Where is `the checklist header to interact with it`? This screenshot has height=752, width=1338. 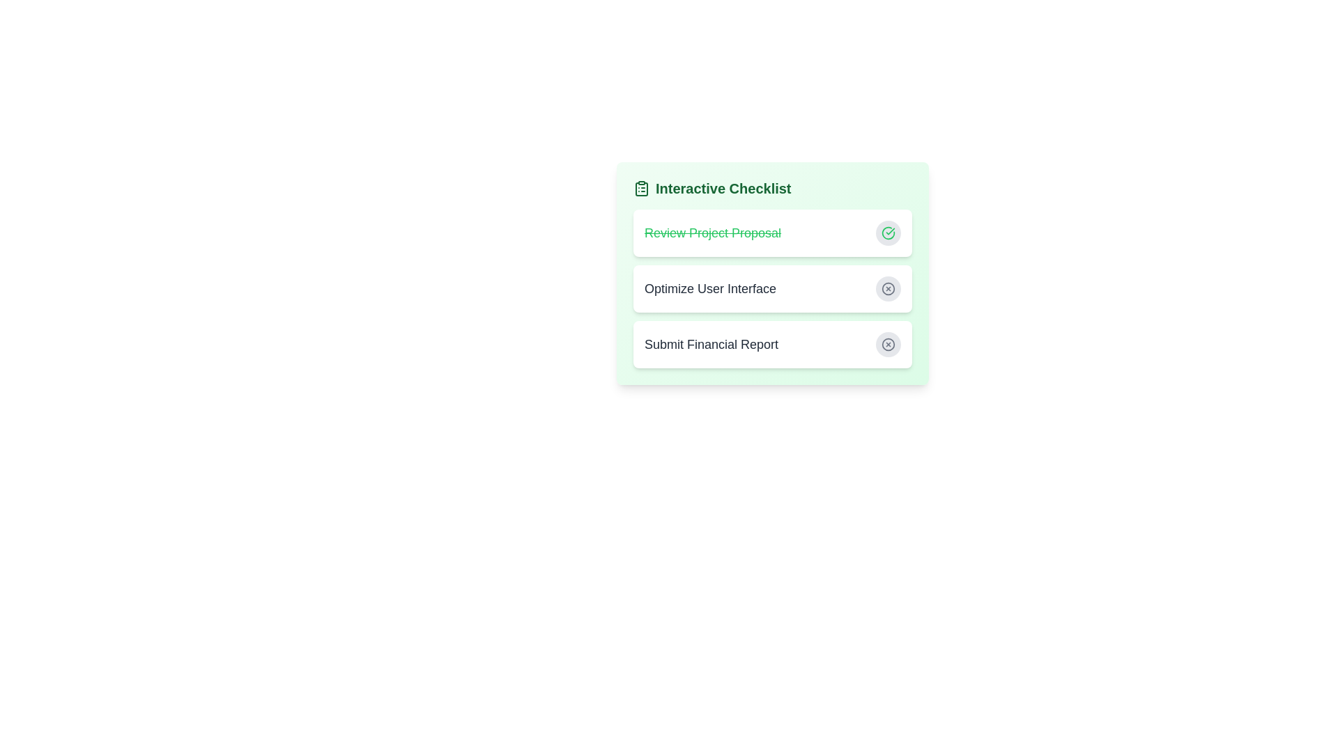 the checklist header to interact with it is located at coordinates (771, 188).